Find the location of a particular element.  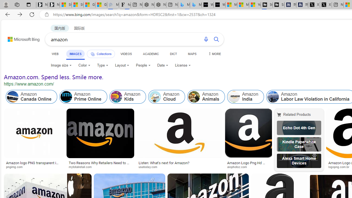

'Date' is located at coordinates (163, 65).